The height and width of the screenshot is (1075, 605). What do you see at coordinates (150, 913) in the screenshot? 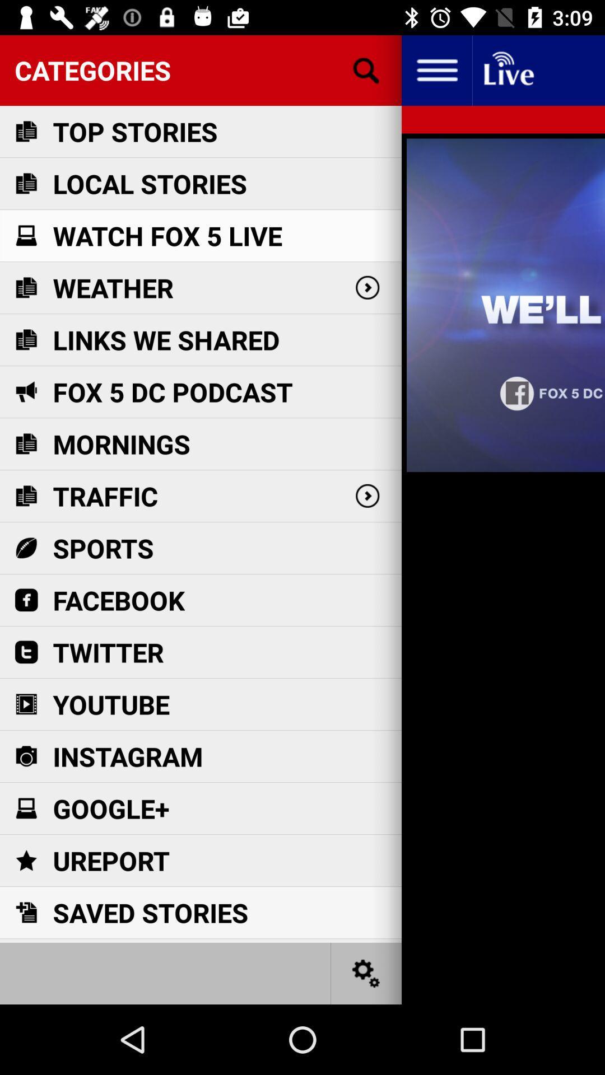
I see `the saved stories` at bounding box center [150, 913].